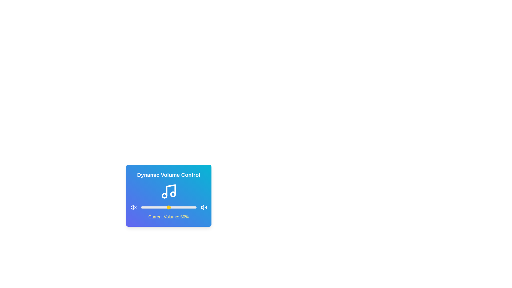 The width and height of the screenshot is (512, 288). What do you see at coordinates (143, 207) in the screenshot?
I see `the volume to 4% by adjusting the slider` at bounding box center [143, 207].